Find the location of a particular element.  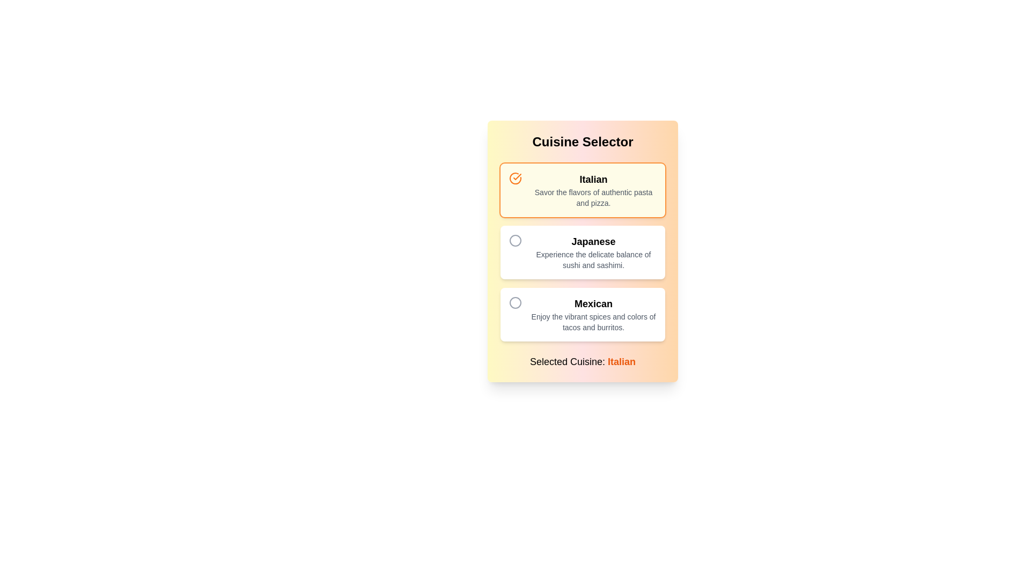

textual description 'Experience the delicate balance of sushi and sashimi.' from the text label located beneath the bold header 'Japanese' is located at coordinates (593, 260).